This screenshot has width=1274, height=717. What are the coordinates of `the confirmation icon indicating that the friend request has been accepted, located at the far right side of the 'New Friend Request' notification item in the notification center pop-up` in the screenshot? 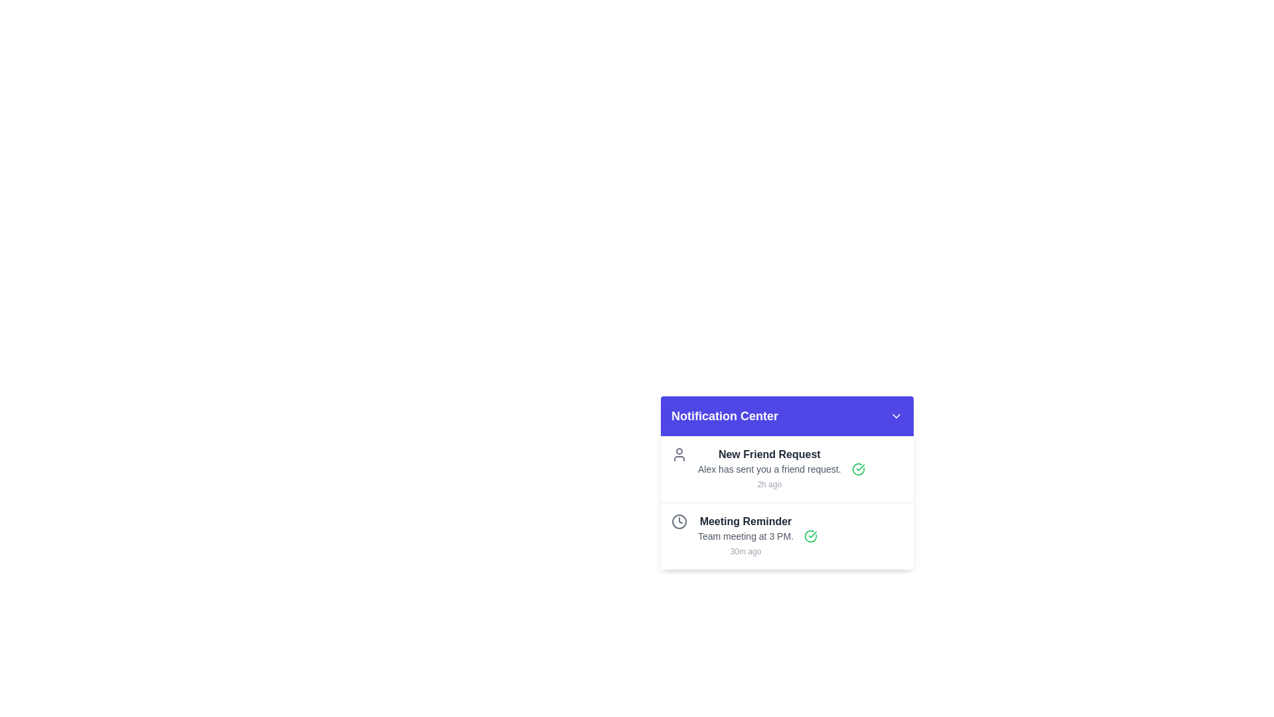 It's located at (858, 468).